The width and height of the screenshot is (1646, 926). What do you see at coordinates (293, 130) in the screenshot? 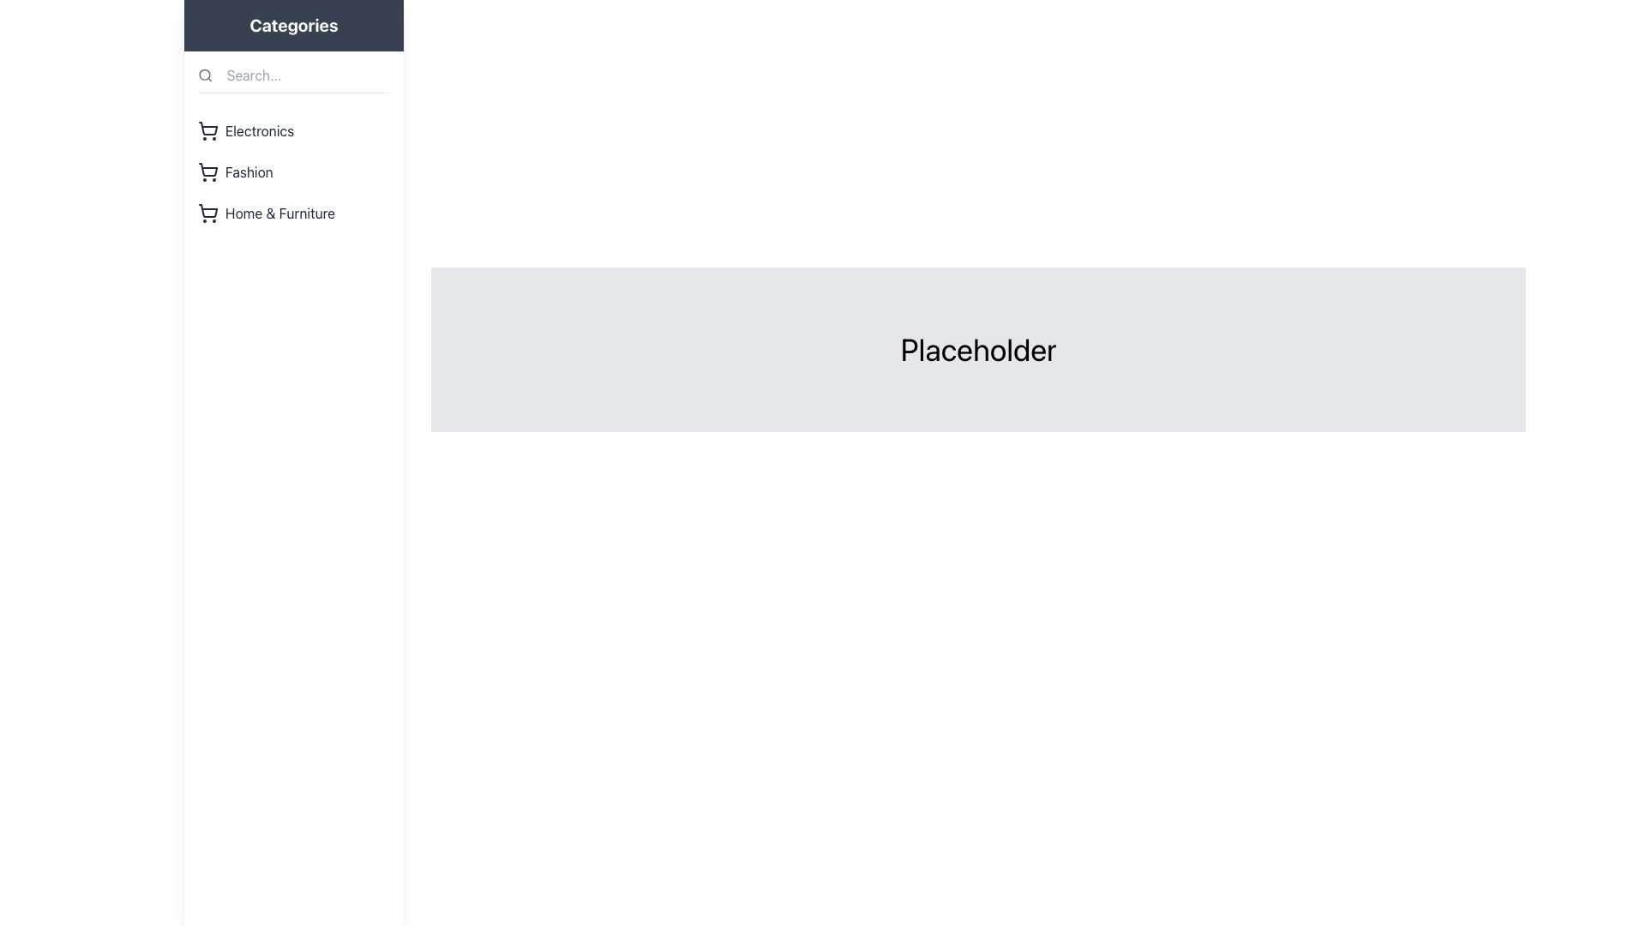
I see `the first Navigation list item in the sidebar menu` at bounding box center [293, 130].